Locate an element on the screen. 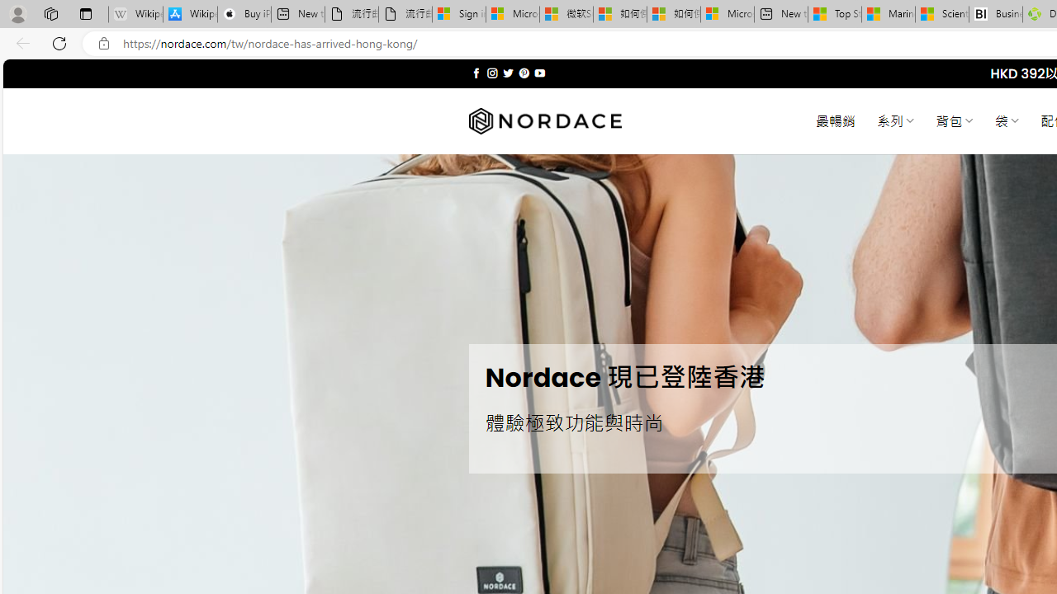 The image size is (1057, 594). 'Follow on YouTube' is located at coordinates (539, 73).